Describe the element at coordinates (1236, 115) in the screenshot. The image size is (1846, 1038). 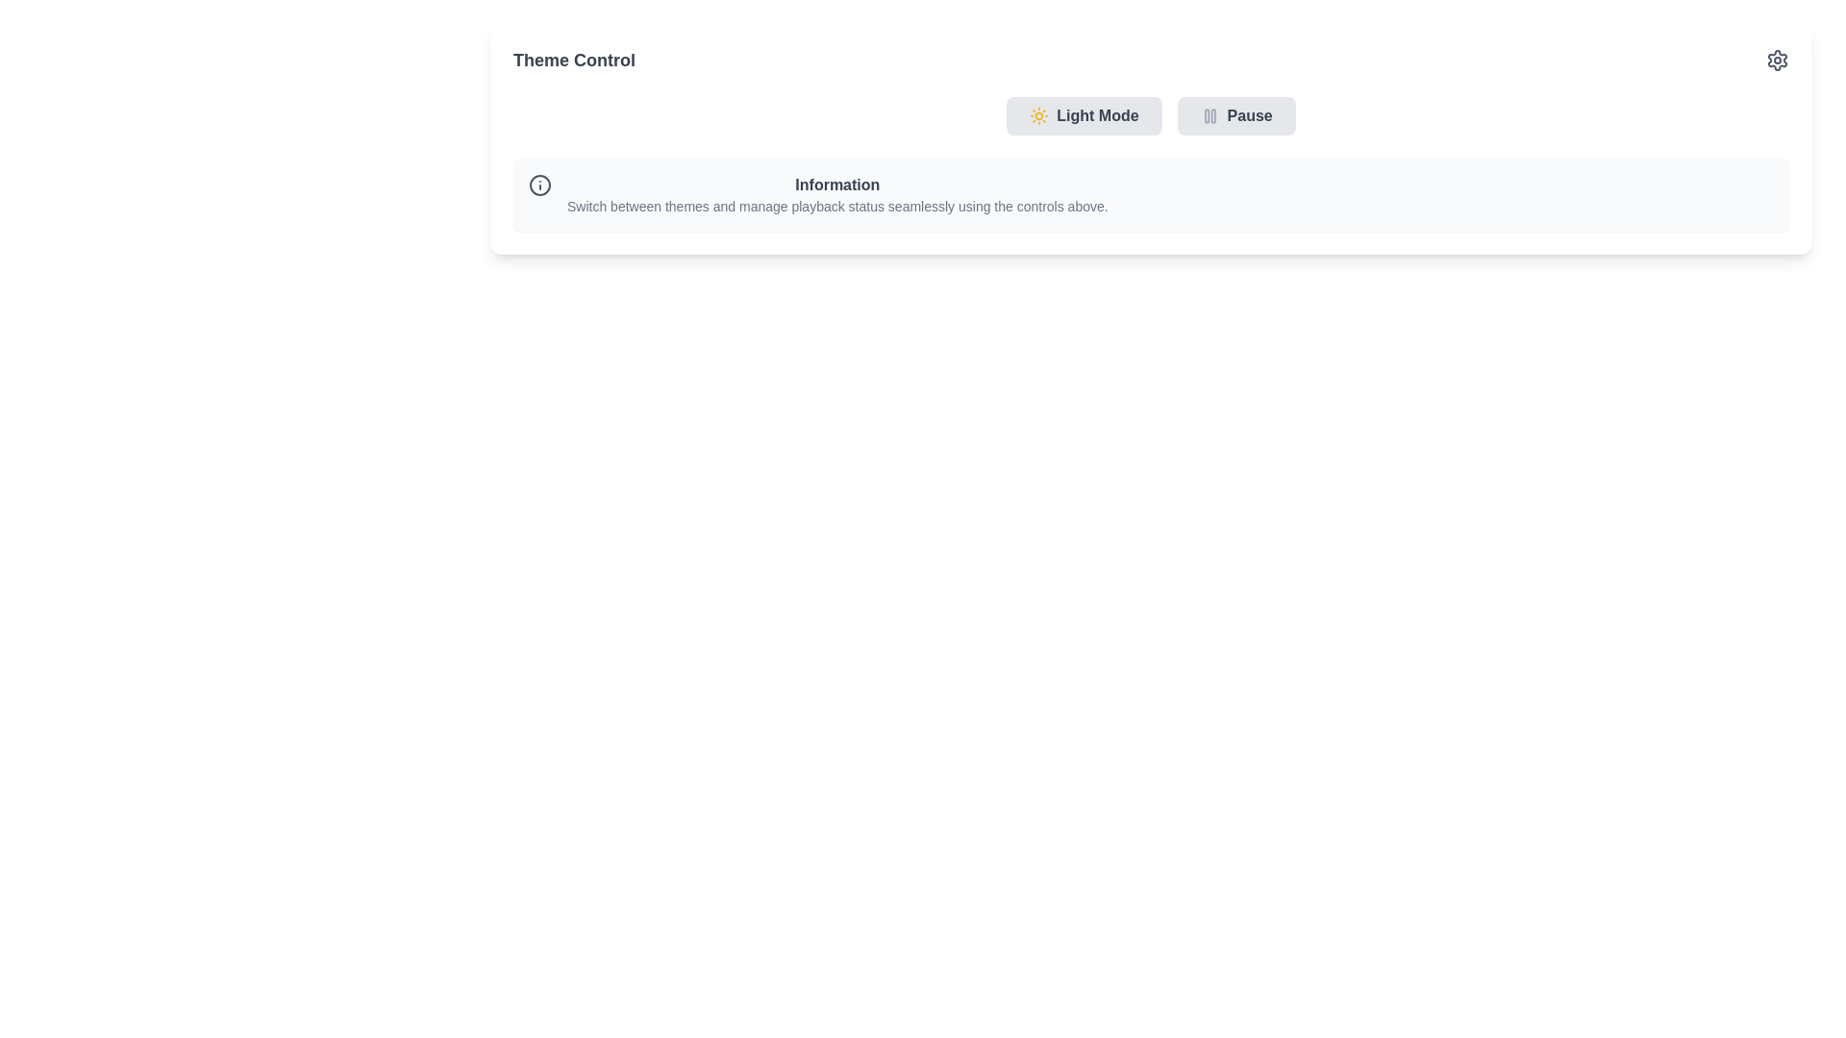
I see `the 'Pause' button, which has a gray background and rounded corners, located to the right of the 'Light Mode' button in the upper section of the interface` at that location.